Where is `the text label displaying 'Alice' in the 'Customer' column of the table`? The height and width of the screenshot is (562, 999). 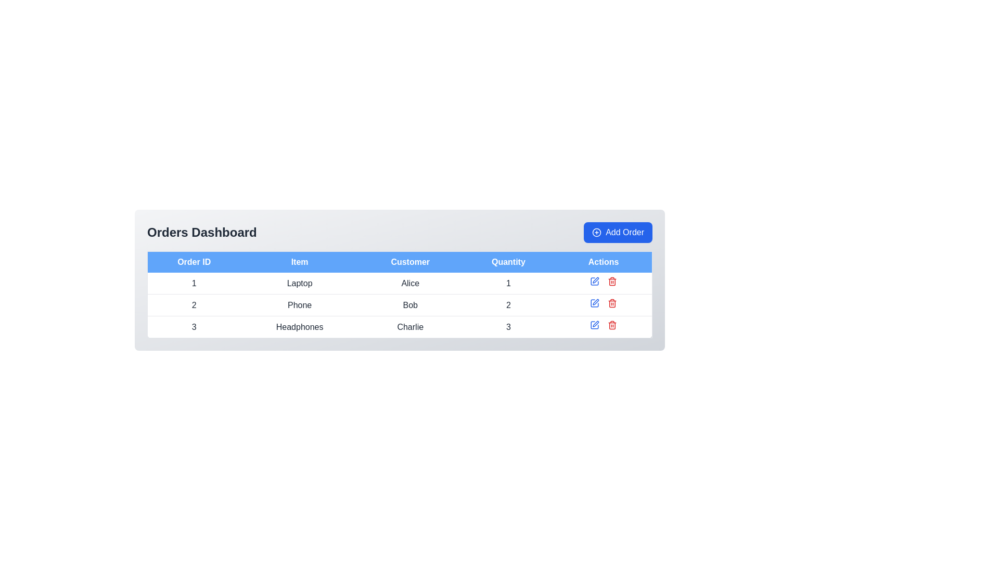 the text label displaying 'Alice' in the 'Customer' column of the table is located at coordinates (409, 283).